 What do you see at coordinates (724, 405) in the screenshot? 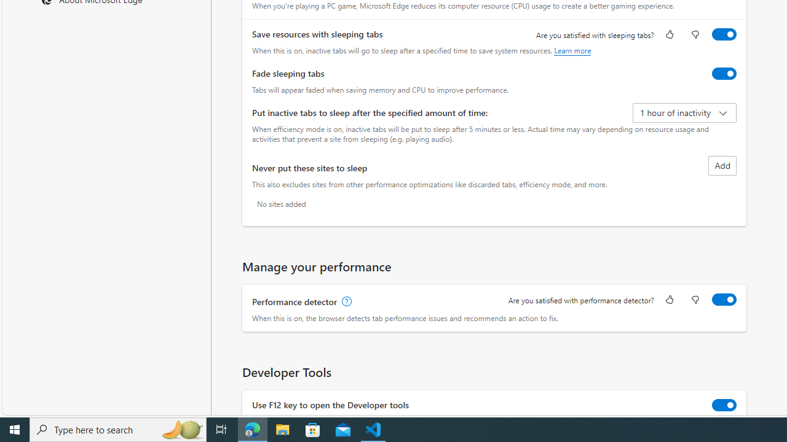
I see `'Use F12 key to open the Developer tools'` at bounding box center [724, 405].